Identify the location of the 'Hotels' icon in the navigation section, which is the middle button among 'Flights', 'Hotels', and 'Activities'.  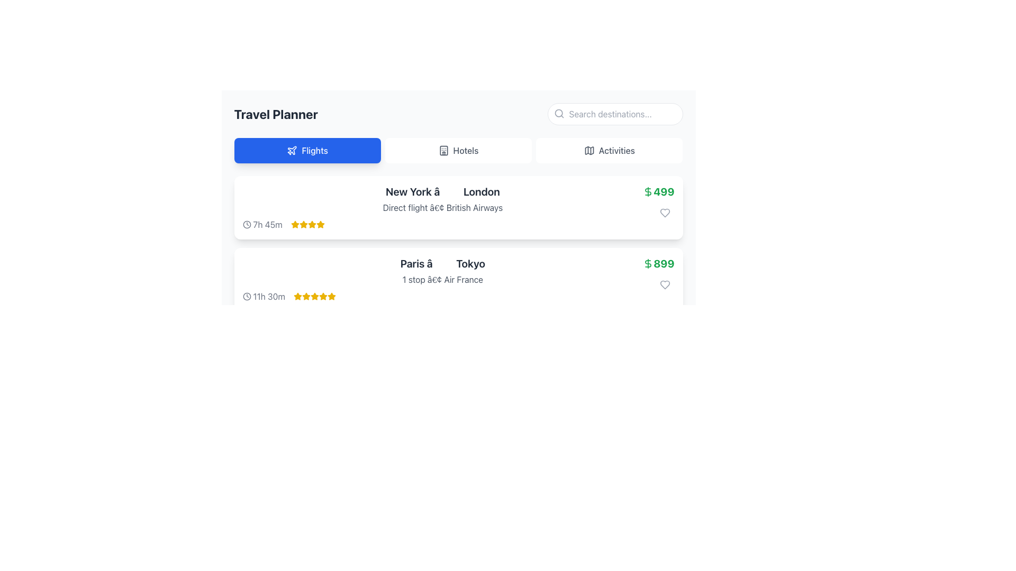
(443, 151).